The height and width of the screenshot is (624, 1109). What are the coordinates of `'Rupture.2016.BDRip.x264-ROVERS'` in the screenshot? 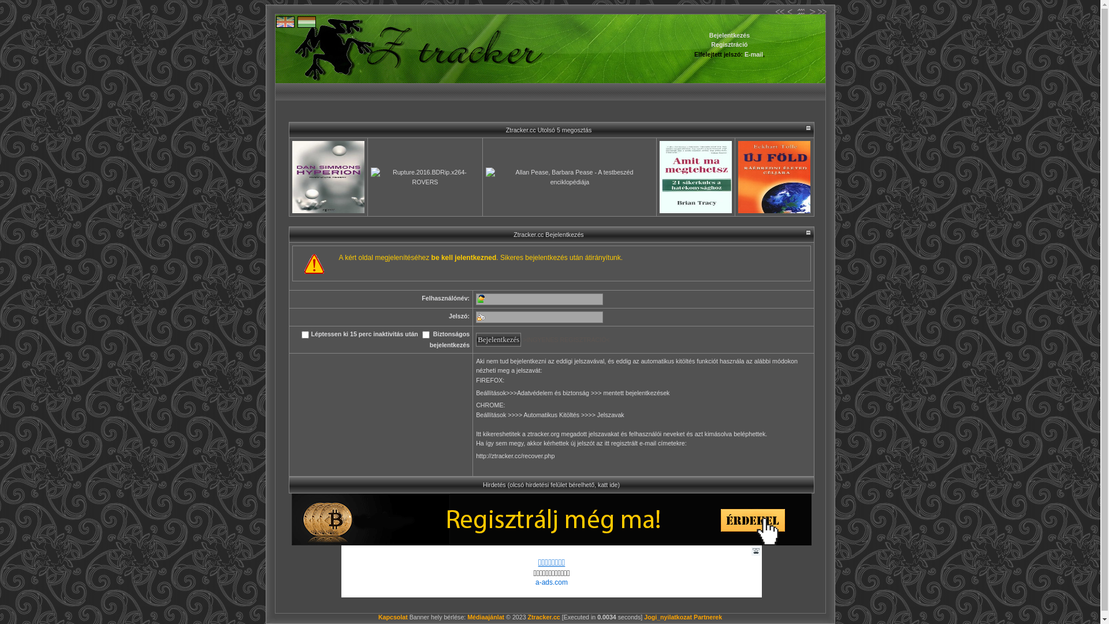 It's located at (371, 177).